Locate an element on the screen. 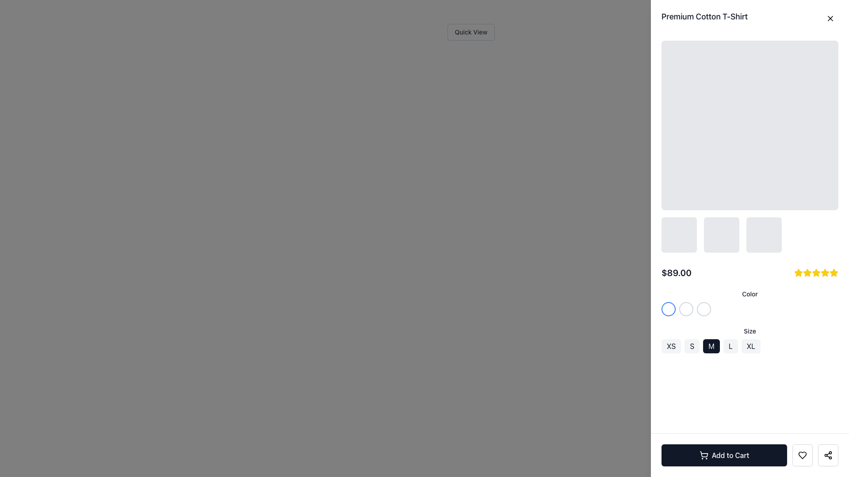 The image size is (849, 477). the Text label at the top of the right-side panel that serves as a title for the product details section is located at coordinates (704, 17).